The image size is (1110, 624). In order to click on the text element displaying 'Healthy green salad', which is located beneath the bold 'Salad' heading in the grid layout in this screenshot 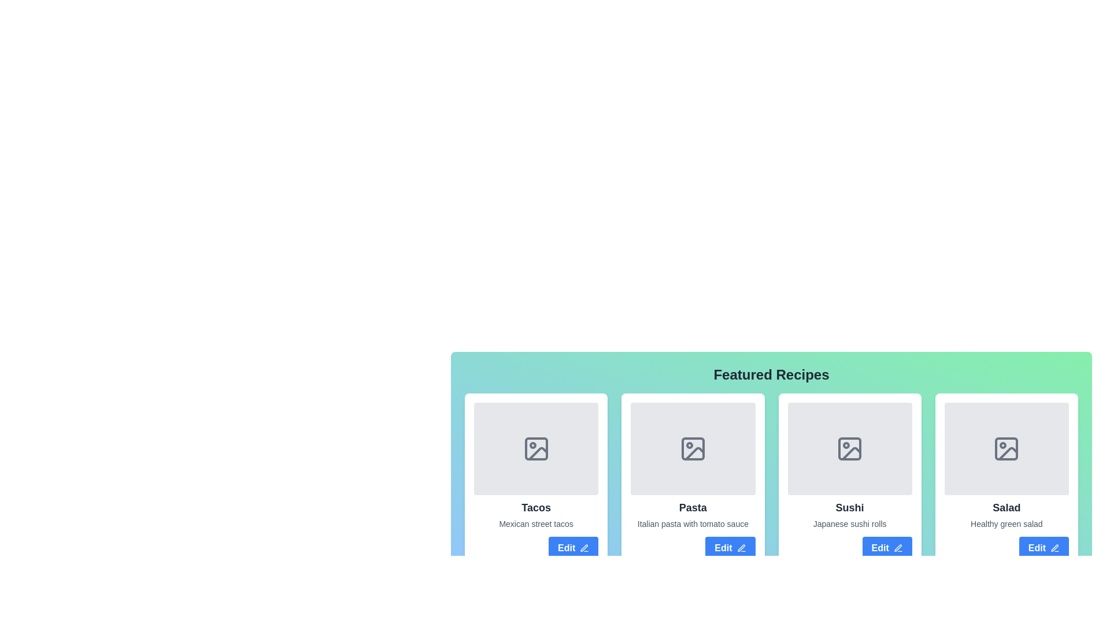, I will do `click(1006, 523)`.